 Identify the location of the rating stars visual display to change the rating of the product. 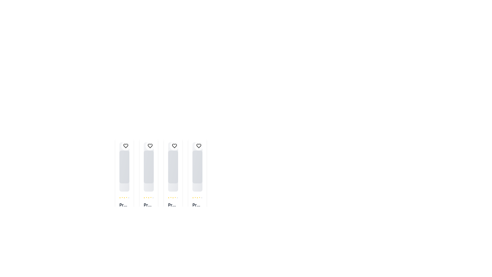
(148, 197).